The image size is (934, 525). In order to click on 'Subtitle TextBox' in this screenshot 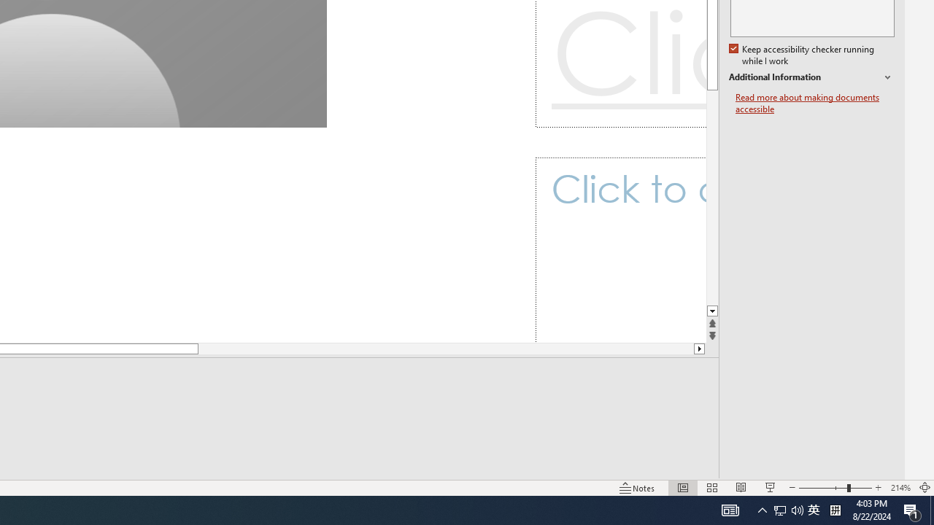, I will do `click(620, 249)`.